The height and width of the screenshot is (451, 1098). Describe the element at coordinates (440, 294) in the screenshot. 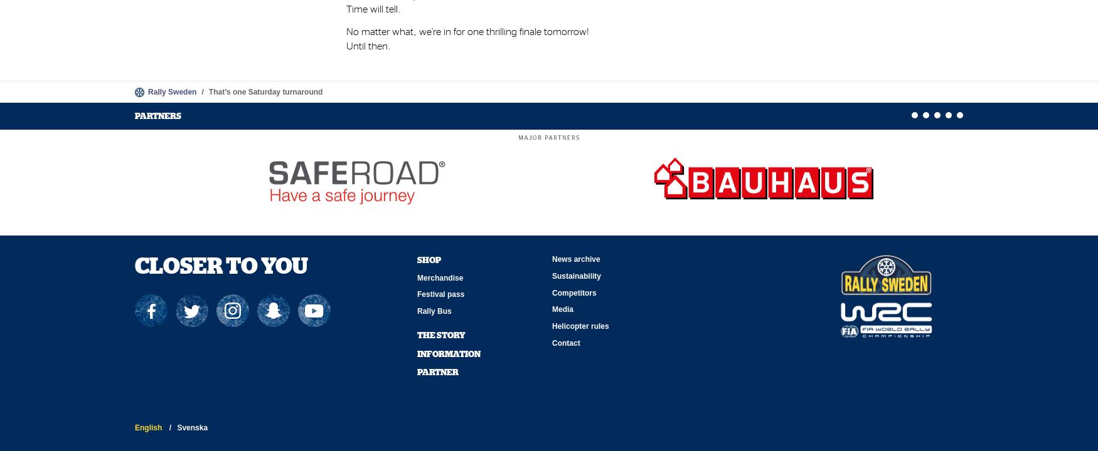

I see `'Festival pass'` at that location.